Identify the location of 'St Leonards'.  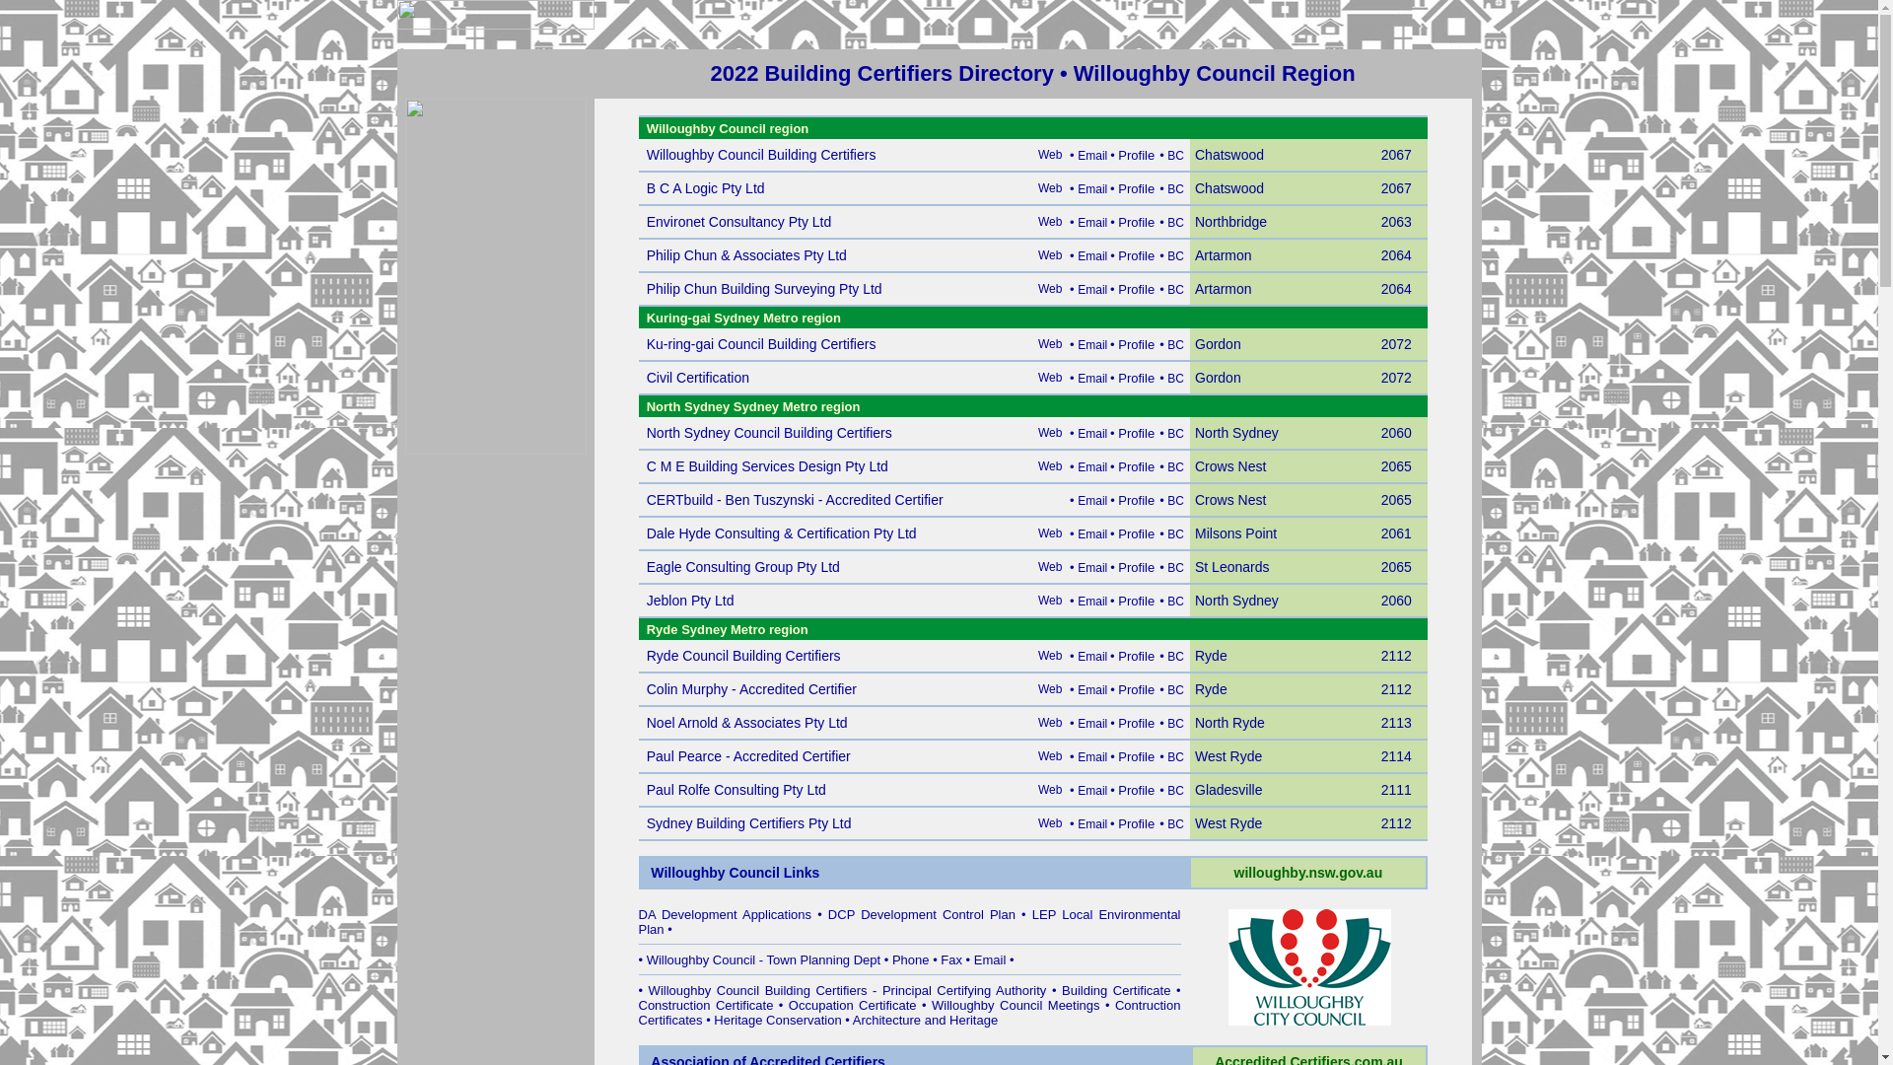
(1230, 567).